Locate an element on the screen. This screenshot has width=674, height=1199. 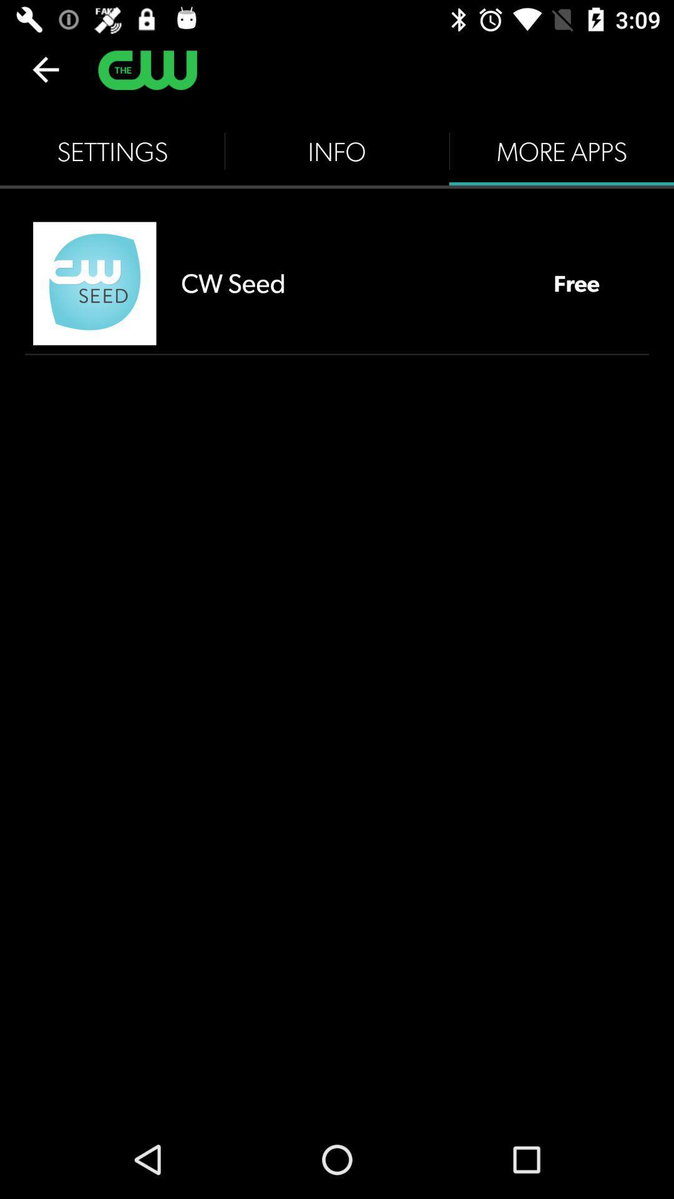
item next to more apps item is located at coordinates (337, 151).